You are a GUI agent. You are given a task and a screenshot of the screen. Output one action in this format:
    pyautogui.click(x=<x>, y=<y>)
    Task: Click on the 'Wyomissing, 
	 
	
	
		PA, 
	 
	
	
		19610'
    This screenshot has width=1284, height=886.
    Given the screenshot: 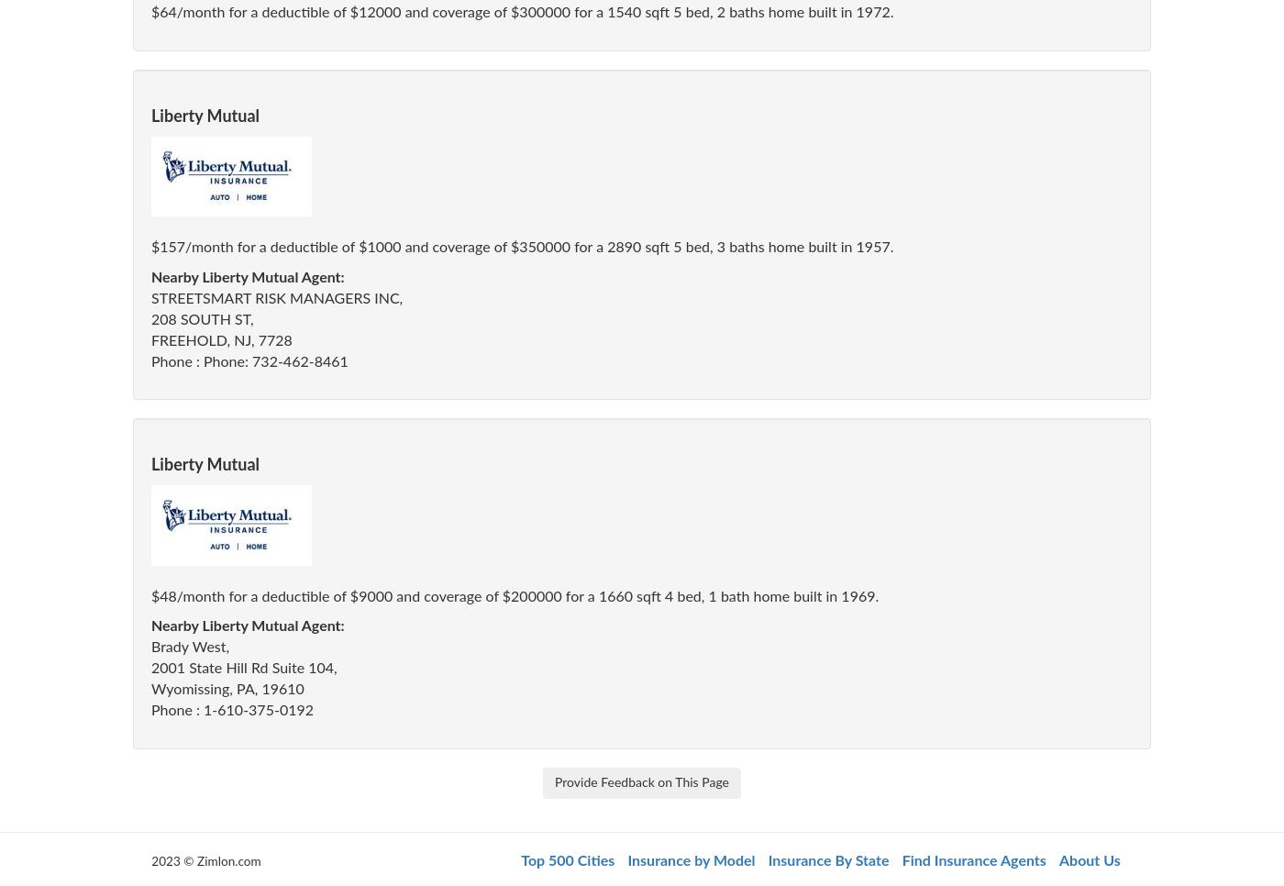 What is the action you would take?
    pyautogui.click(x=227, y=688)
    